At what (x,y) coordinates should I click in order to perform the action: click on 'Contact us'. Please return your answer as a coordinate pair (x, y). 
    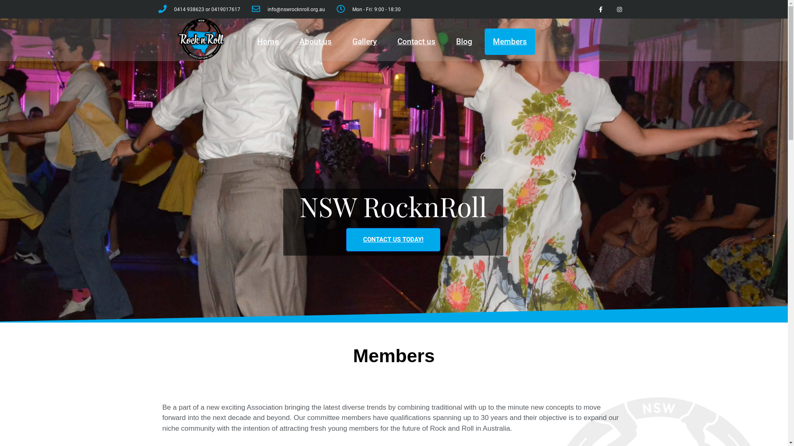
    Looking at the image, I should click on (416, 41).